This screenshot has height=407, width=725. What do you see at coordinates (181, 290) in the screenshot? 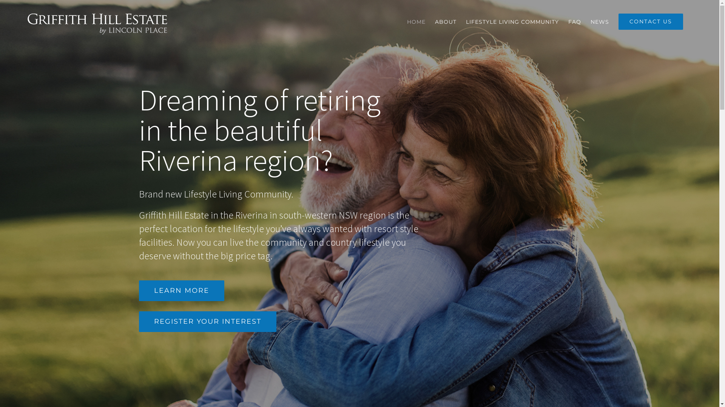
I see `'LEARN MORE'` at bounding box center [181, 290].